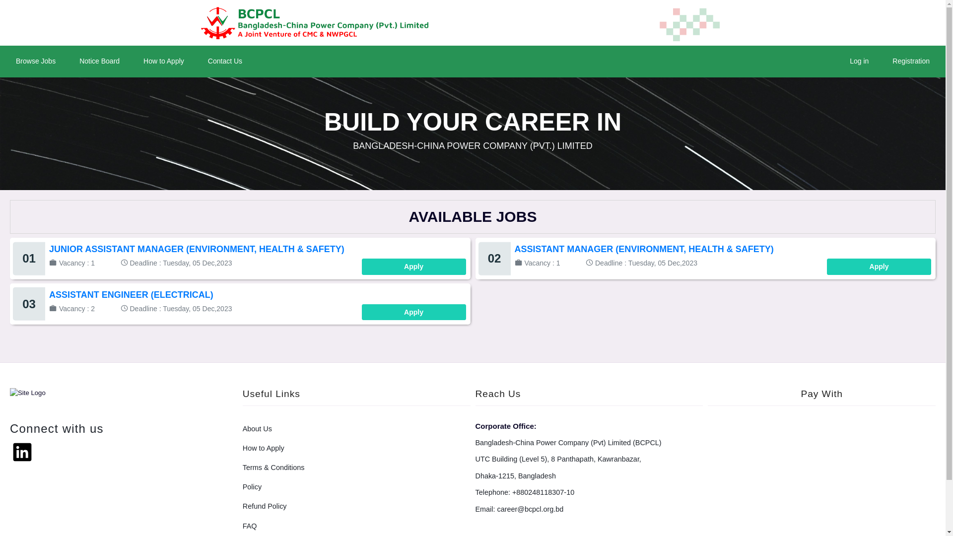 The height and width of the screenshot is (536, 953). I want to click on 'ASSISTANT ENGINEER (ELECTRICAL)', so click(131, 294).